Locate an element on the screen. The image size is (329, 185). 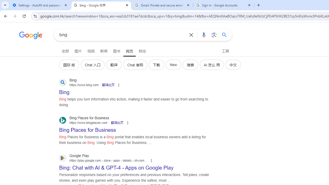
'Settings - Autofill and passwords' is located at coordinates (40, 5).